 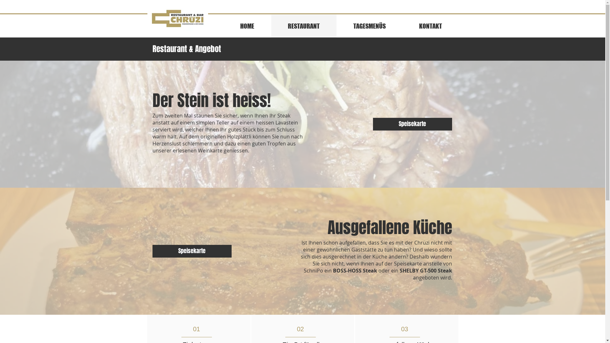 I want to click on 'RESTAURANT', so click(x=270, y=25).